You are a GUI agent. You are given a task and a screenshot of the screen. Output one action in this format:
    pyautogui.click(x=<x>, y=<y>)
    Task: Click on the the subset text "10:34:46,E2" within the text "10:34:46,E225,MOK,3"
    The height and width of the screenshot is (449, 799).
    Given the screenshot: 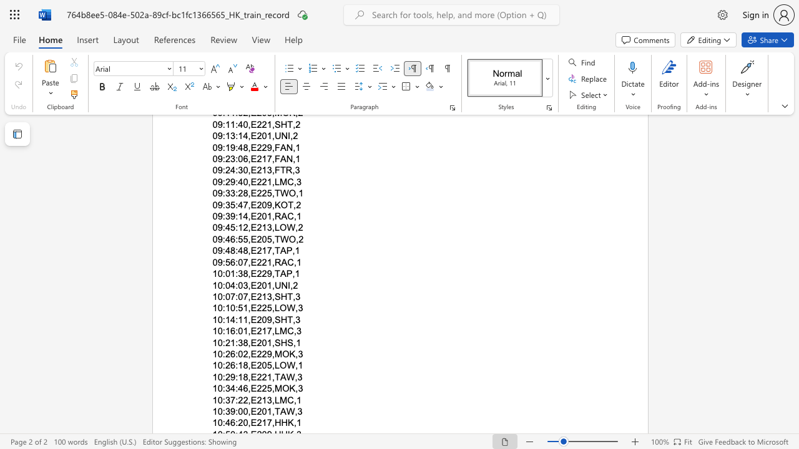 What is the action you would take?
    pyautogui.click(x=212, y=388)
    